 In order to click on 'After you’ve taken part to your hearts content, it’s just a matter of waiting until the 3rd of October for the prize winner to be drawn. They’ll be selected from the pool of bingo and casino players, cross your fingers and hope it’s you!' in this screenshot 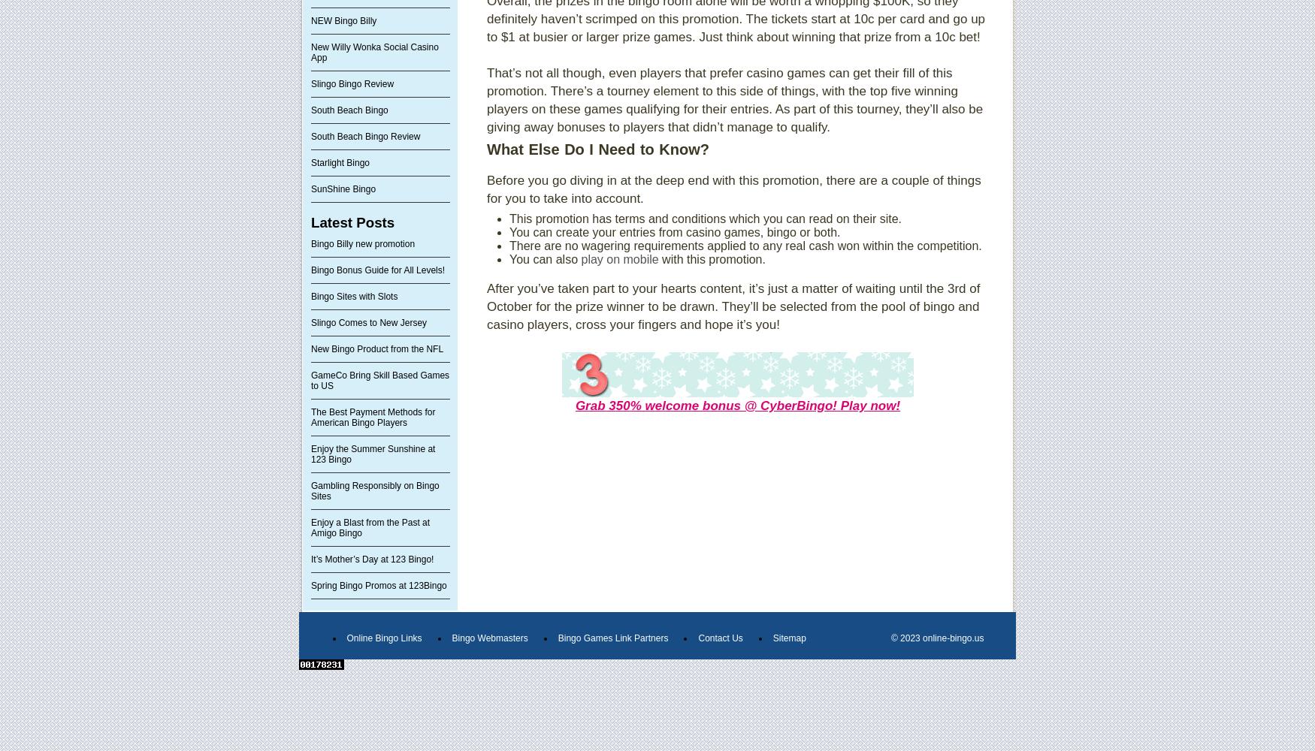, I will do `click(733, 306)`.